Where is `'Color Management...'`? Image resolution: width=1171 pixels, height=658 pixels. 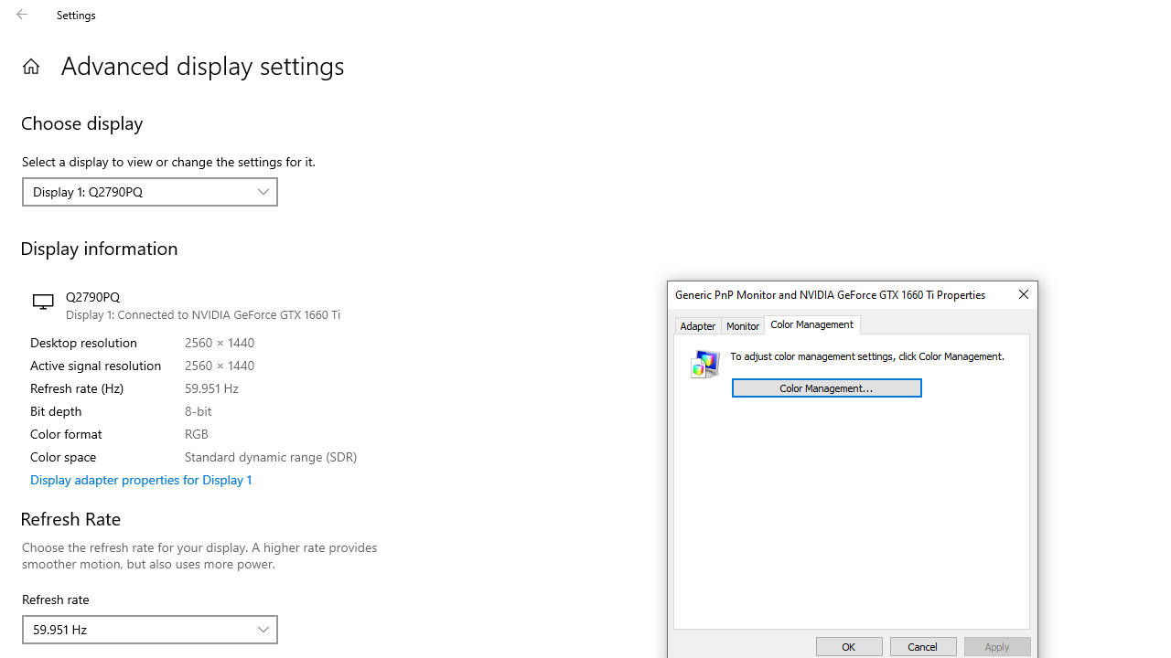
'Color Management...' is located at coordinates (825, 387).